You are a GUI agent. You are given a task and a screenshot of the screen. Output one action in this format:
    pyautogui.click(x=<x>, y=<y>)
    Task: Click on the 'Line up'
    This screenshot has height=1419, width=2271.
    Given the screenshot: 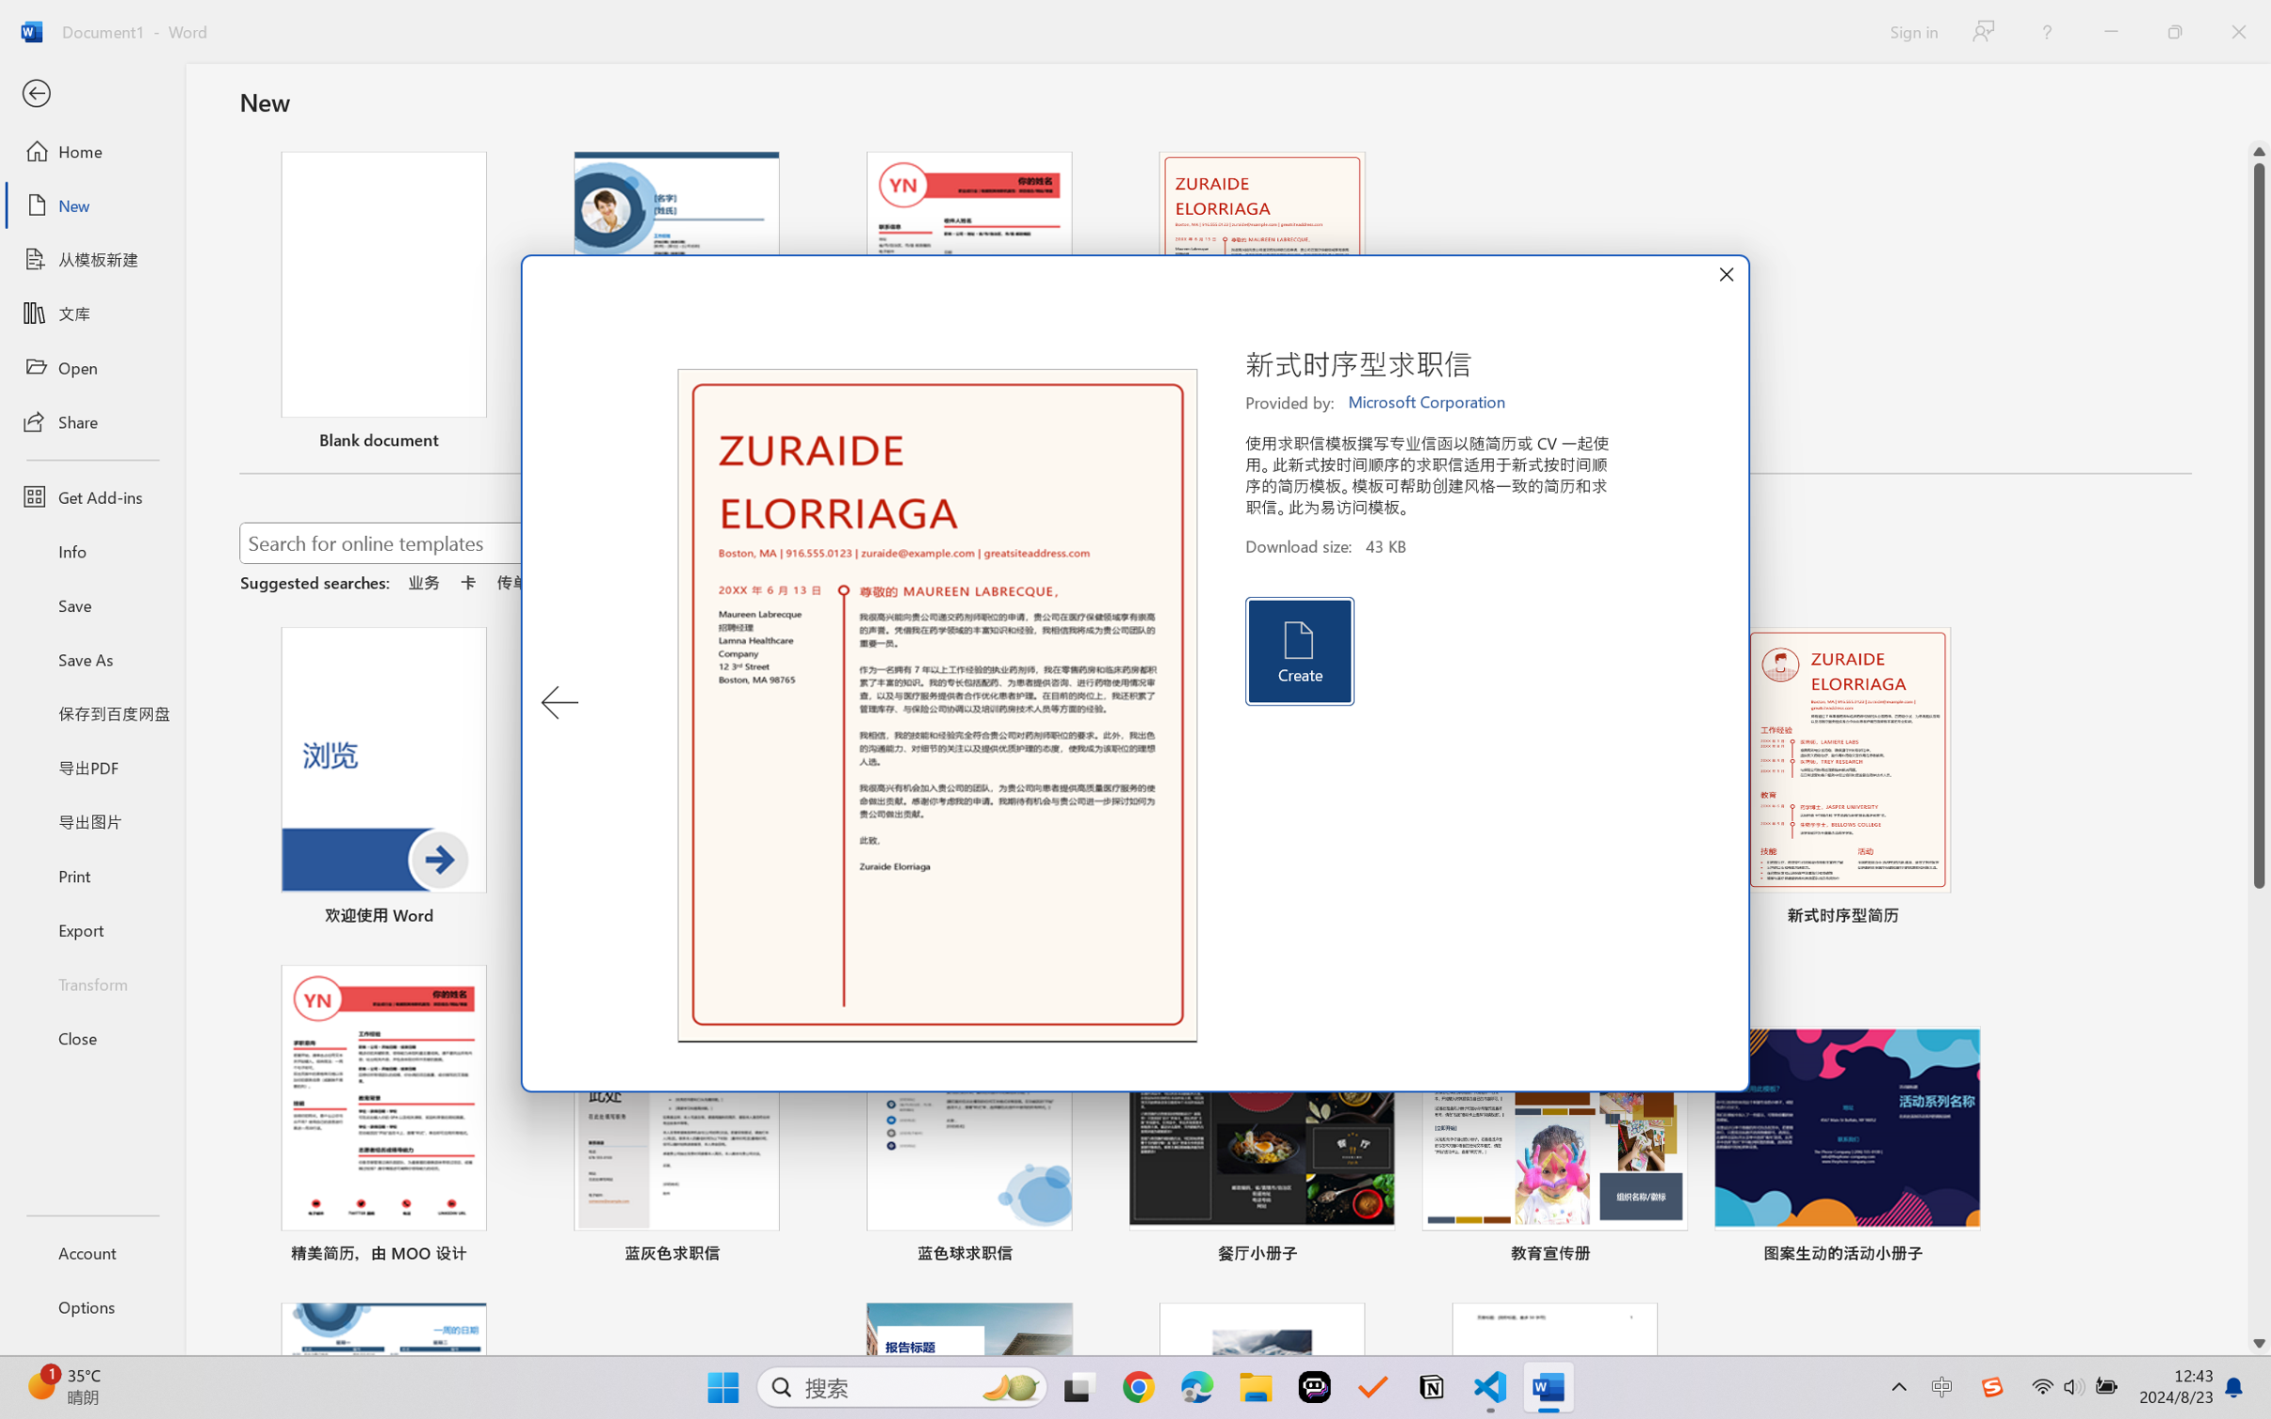 What is the action you would take?
    pyautogui.click(x=2259, y=151)
    